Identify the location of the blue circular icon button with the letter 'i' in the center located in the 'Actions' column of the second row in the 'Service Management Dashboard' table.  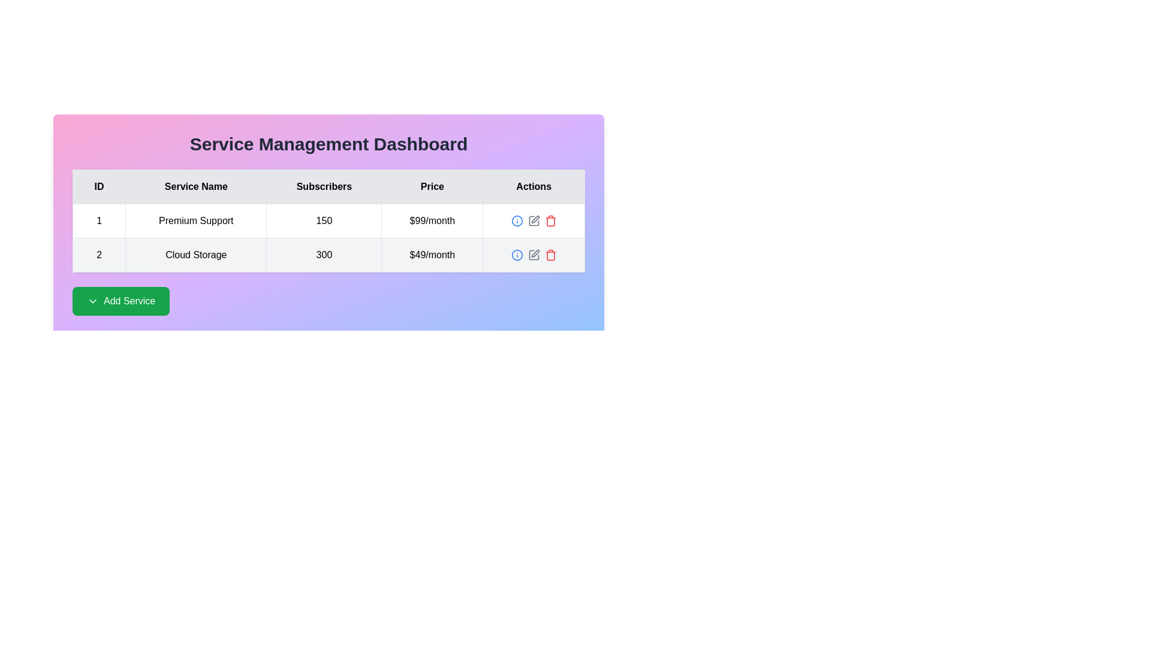
(517, 221).